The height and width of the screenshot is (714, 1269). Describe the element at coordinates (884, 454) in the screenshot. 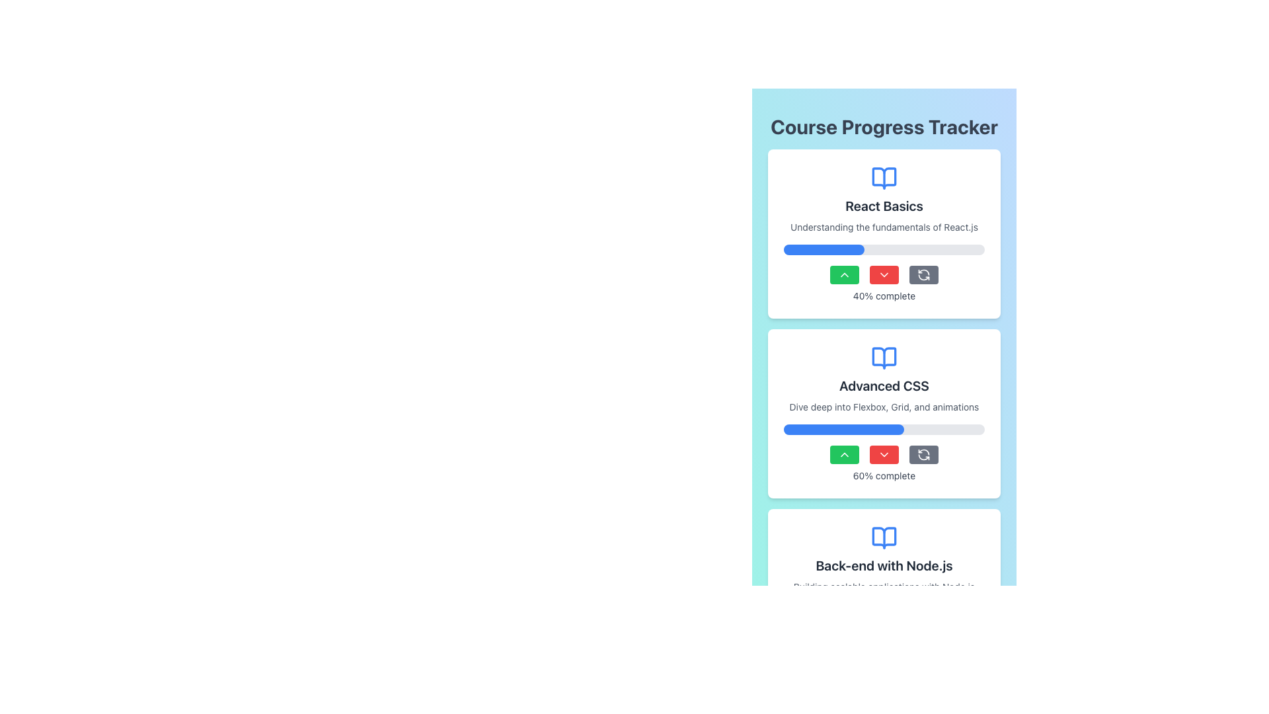

I see `the red decrement button located between the green upward chevron button and the gray refresh icon button in the course module interface for 'Advanced CSS'` at that location.